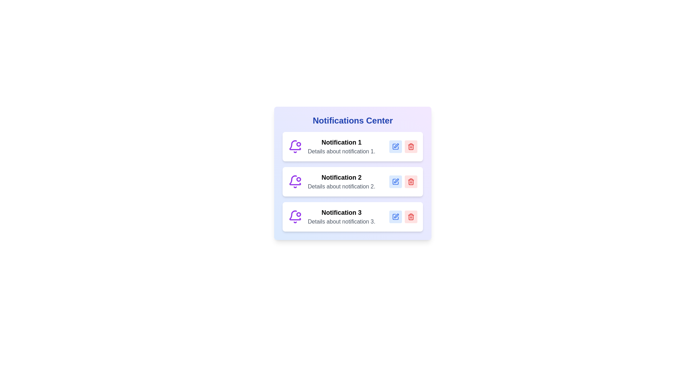  What do you see at coordinates (342, 186) in the screenshot?
I see `the text label displaying 'Details about notification 2.' which is styled in gray and positioned below 'Notification 2' in the Notifications Center interface` at bounding box center [342, 186].